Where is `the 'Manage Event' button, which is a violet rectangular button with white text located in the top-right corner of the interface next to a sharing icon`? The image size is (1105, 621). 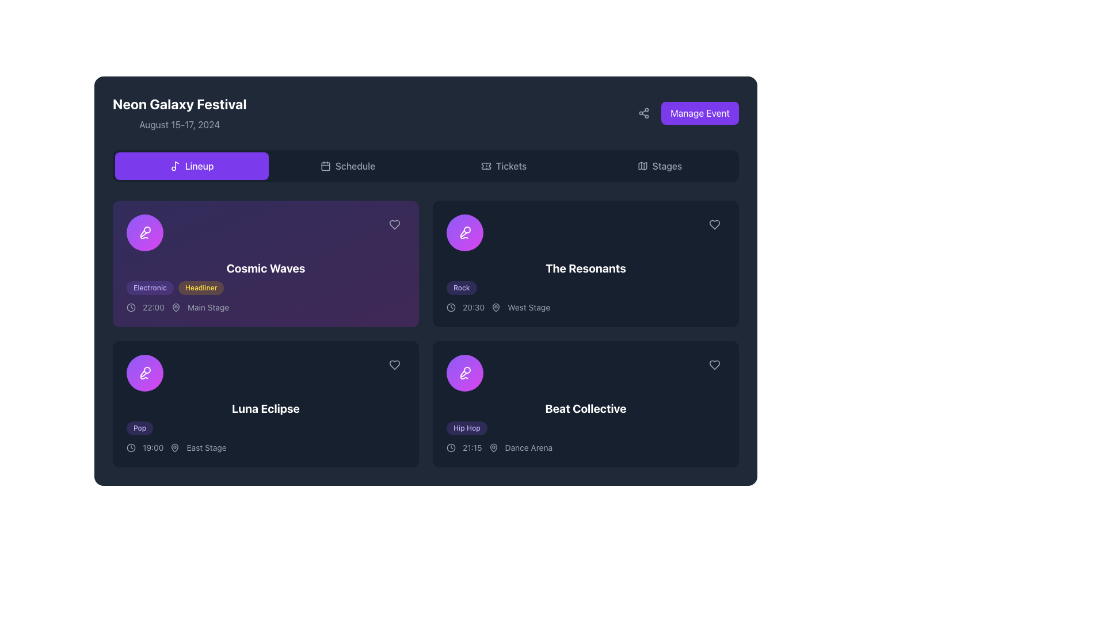 the 'Manage Event' button, which is a violet rectangular button with white text located in the top-right corner of the interface next to a sharing icon is located at coordinates (686, 113).